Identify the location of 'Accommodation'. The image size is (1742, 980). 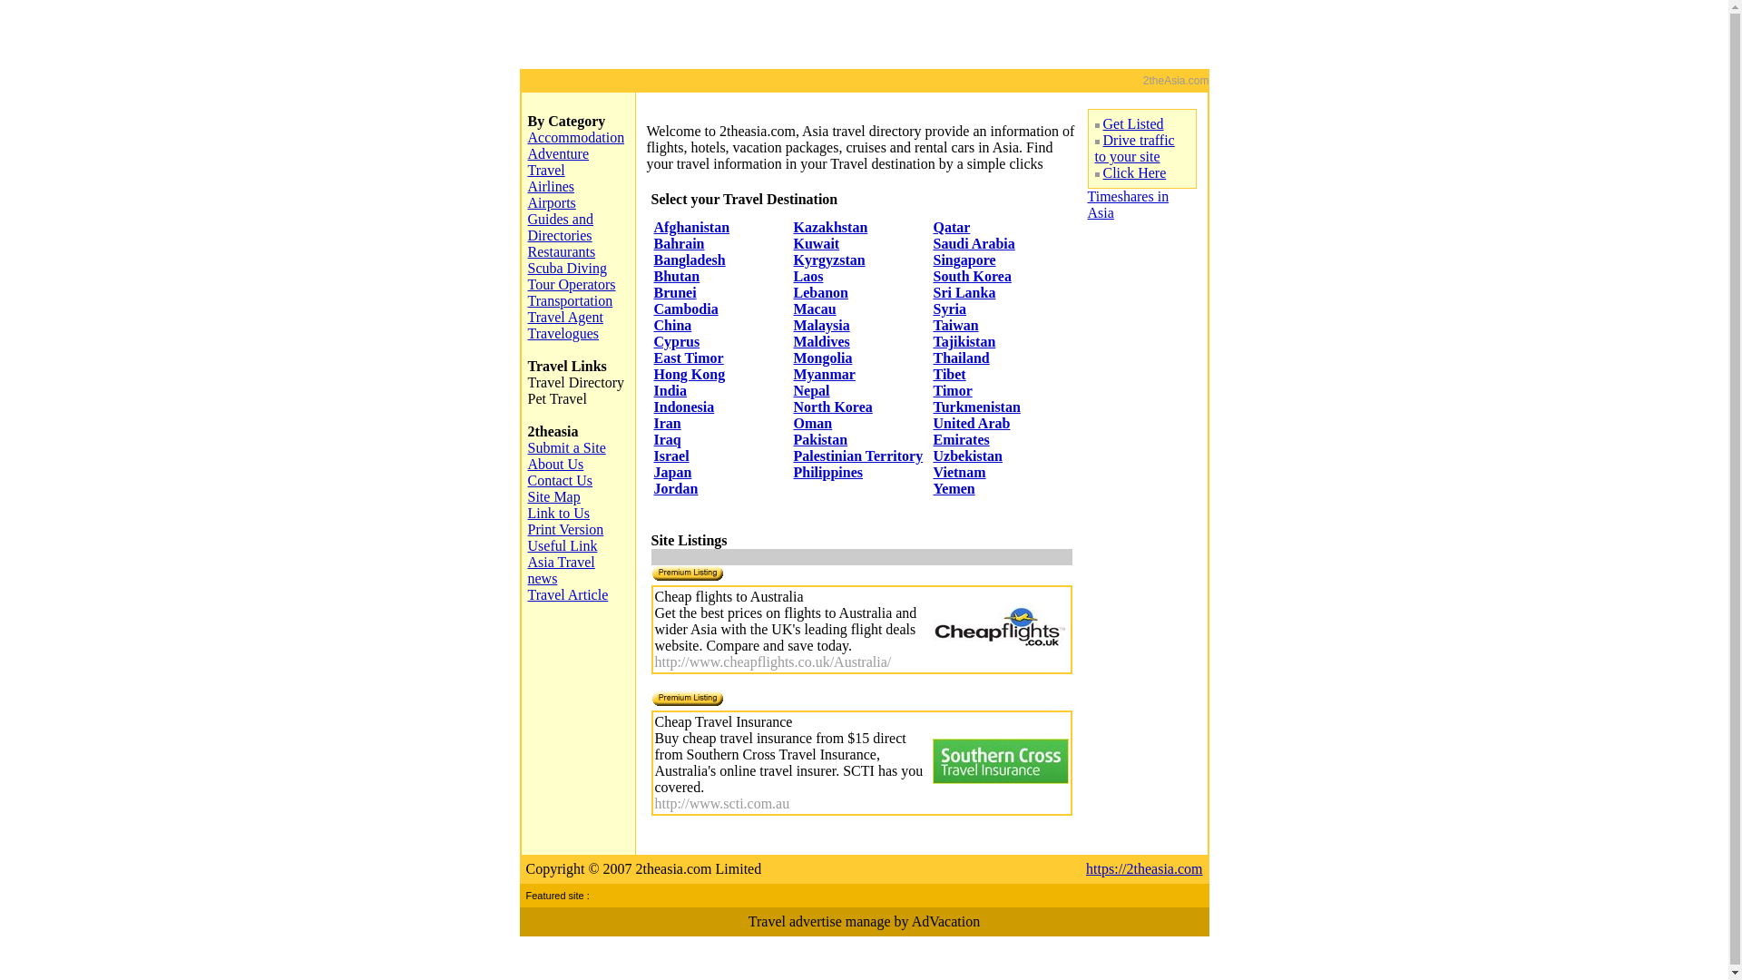
(575, 136).